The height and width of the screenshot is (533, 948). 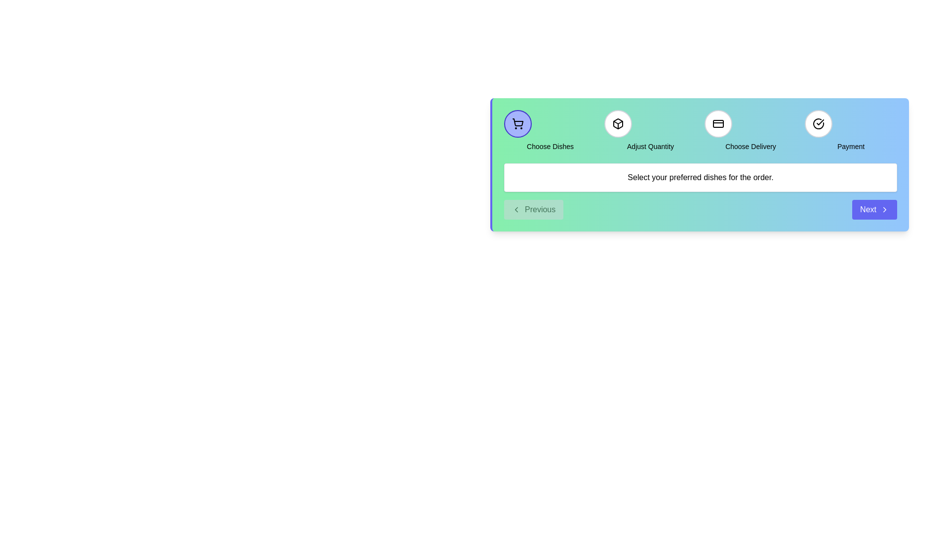 What do you see at coordinates (818, 123) in the screenshot?
I see `the Circular icon button with a checkmark, which is the rightmost icon in a group of four, associated with the text 'Payment'` at bounding box center [818, 123].